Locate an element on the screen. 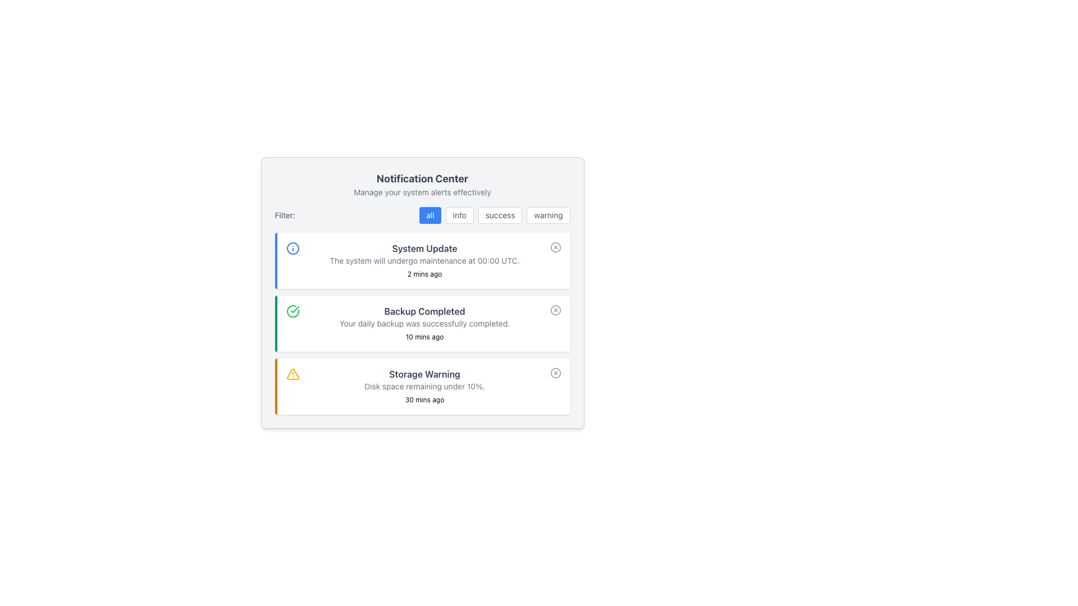 This screenshot has height=606, width=1078. the 'success' button in the notification filter section to change its background color is located at coordinates (500, 215).